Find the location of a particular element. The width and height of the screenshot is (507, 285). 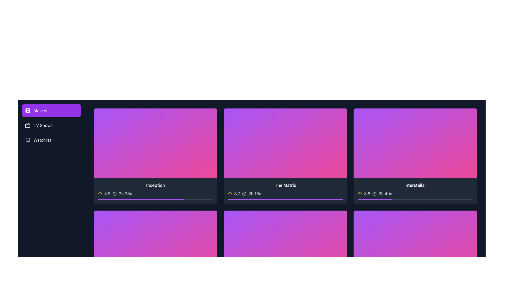

the progress visually by focusing on the purple progress bar located beneath the movie entry labeled 'Inception' is located at coordinates (141, 199).